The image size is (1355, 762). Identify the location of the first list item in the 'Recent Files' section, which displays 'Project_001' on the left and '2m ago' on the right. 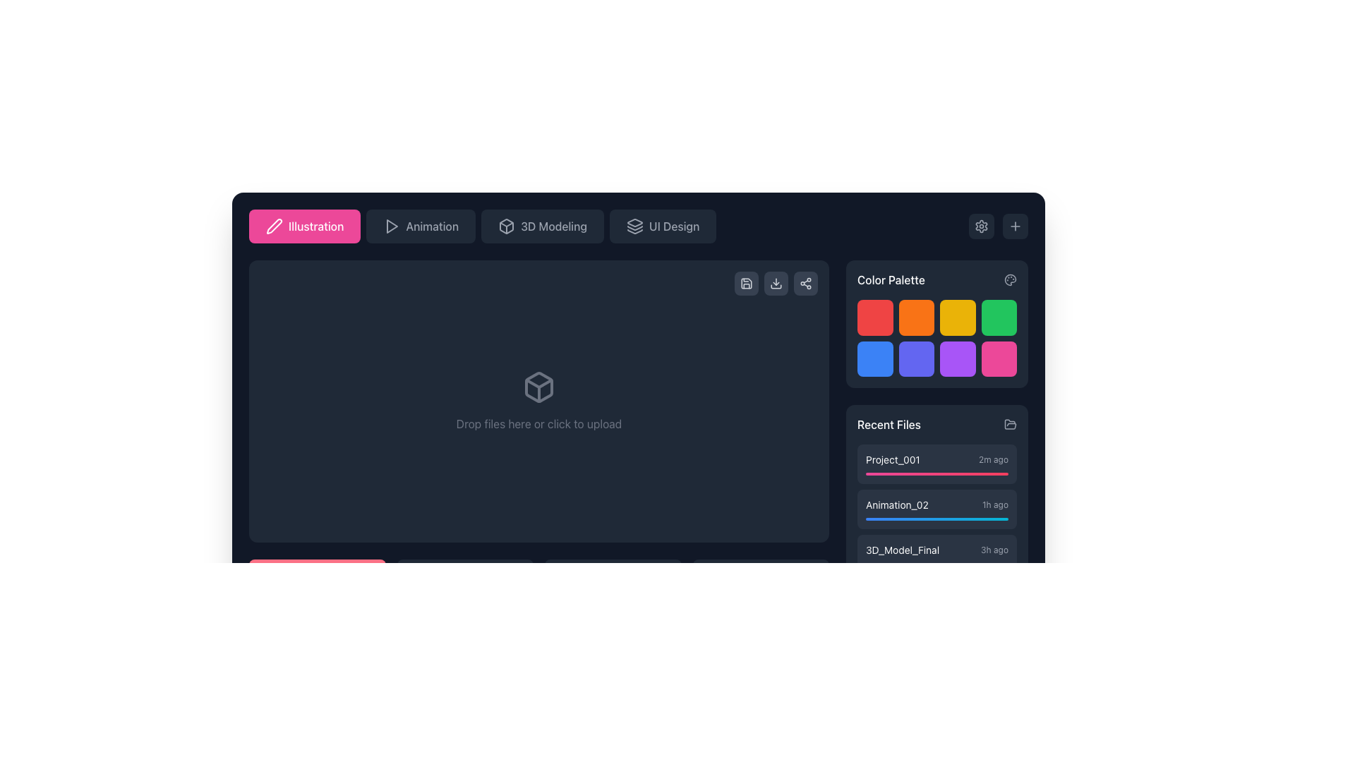
(937, 459).